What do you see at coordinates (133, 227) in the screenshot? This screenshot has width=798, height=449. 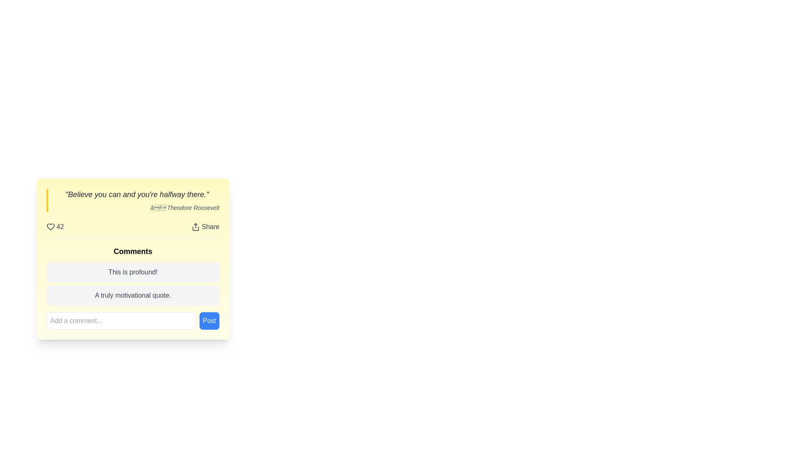 I see `the interactive element grouping containing the like counter and share button` at bounding box center [133, 227].